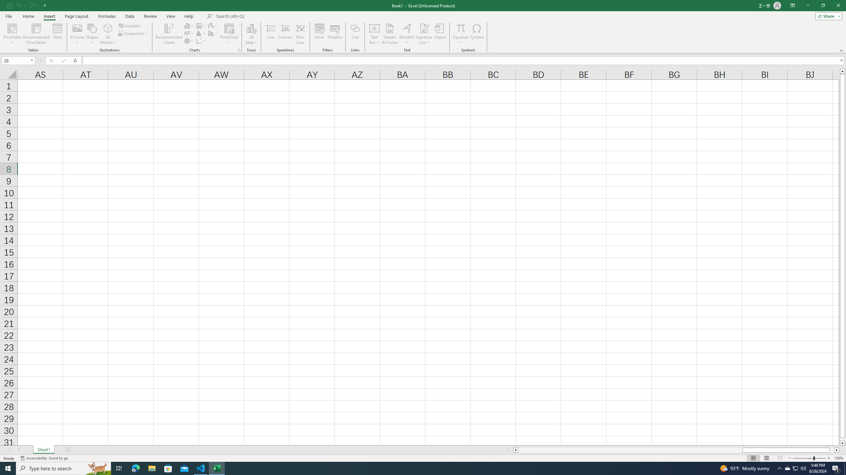 This screenshot has width=846, height=475. I want to click on 'PivotTable', so click(12, 34).